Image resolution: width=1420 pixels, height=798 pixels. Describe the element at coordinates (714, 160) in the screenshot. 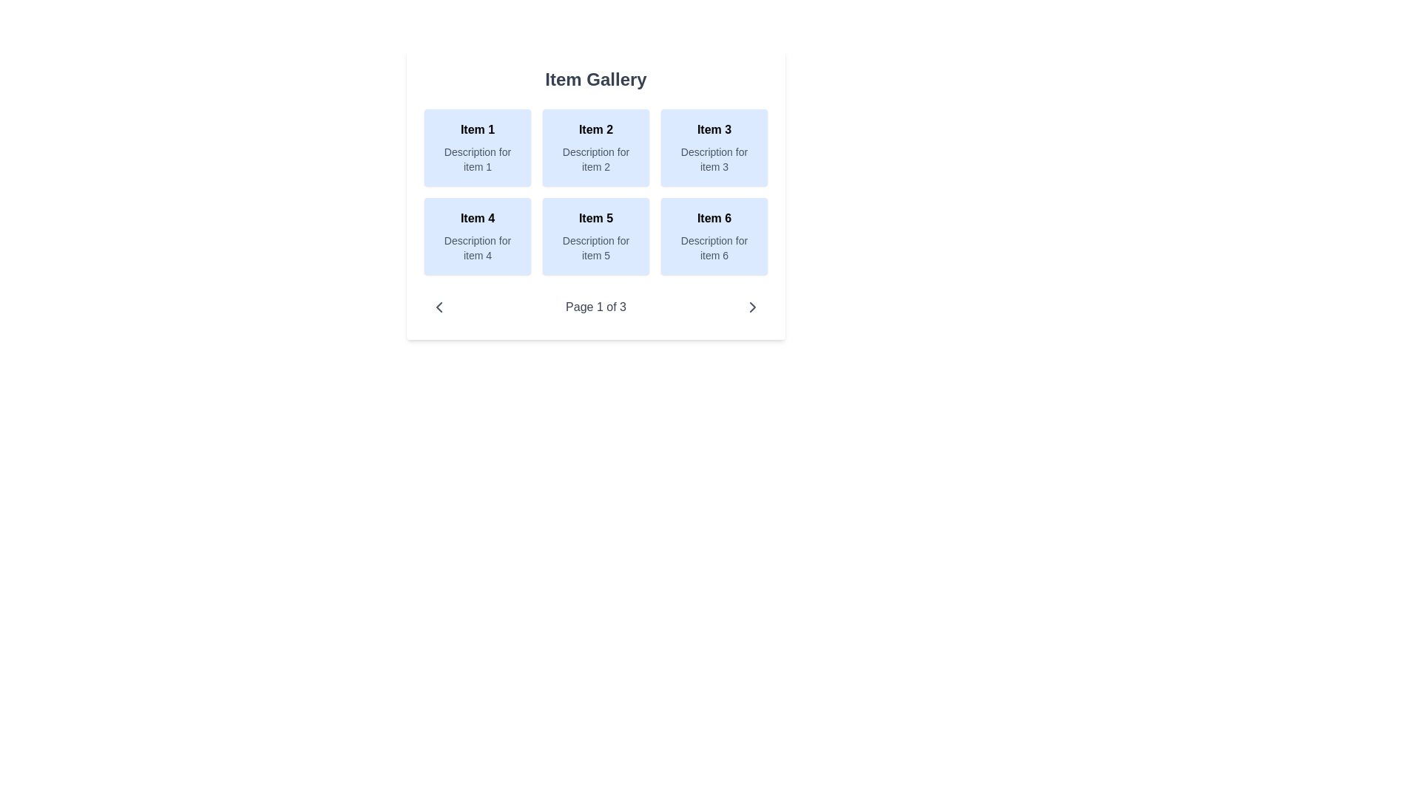

I see `the text label providing supplementary information related to 'Item 3', located below the header 'Item 3' in the grid layout` at that location.